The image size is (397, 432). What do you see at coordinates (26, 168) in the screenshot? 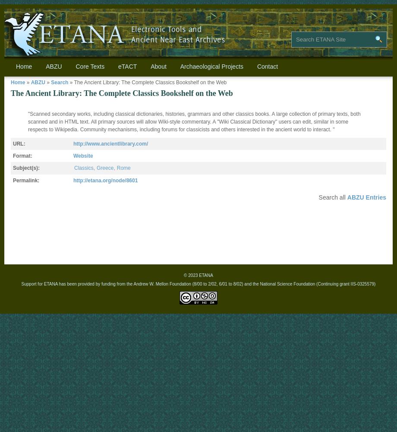
I see `'Subject(s):'` at bounding box center [26, 168].